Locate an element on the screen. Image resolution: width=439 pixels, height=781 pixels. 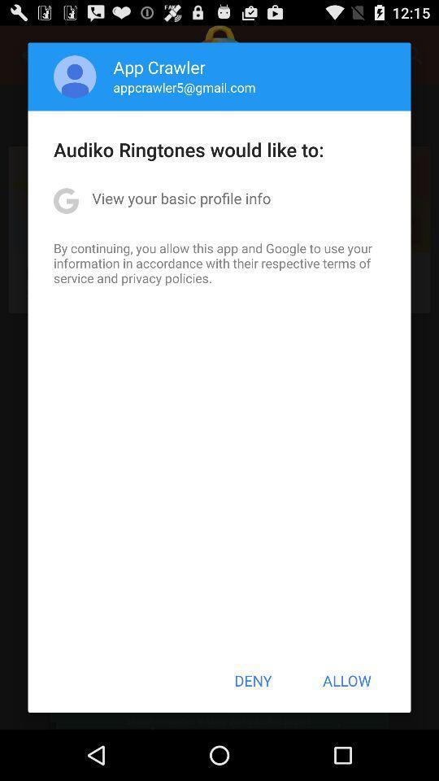
the icon above audiko ringtones would item is located at coordinates (74, 76).